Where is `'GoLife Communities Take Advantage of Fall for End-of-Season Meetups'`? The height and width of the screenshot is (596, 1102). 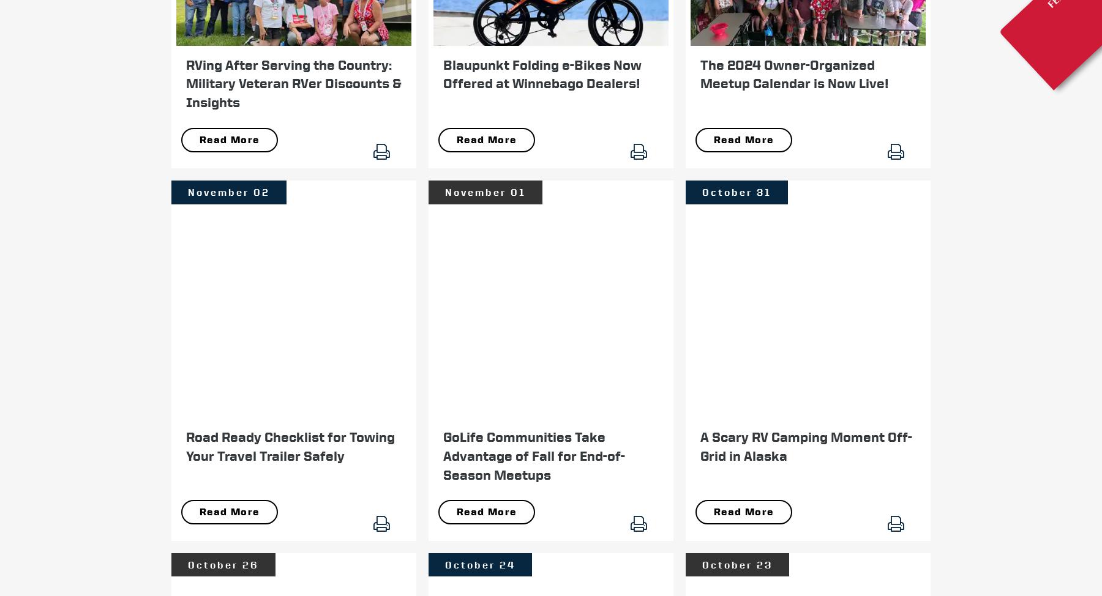 'GoLife Communities Take Advantage of Fall for End-of-Season Meetups' is located at coordinates (534, 455).